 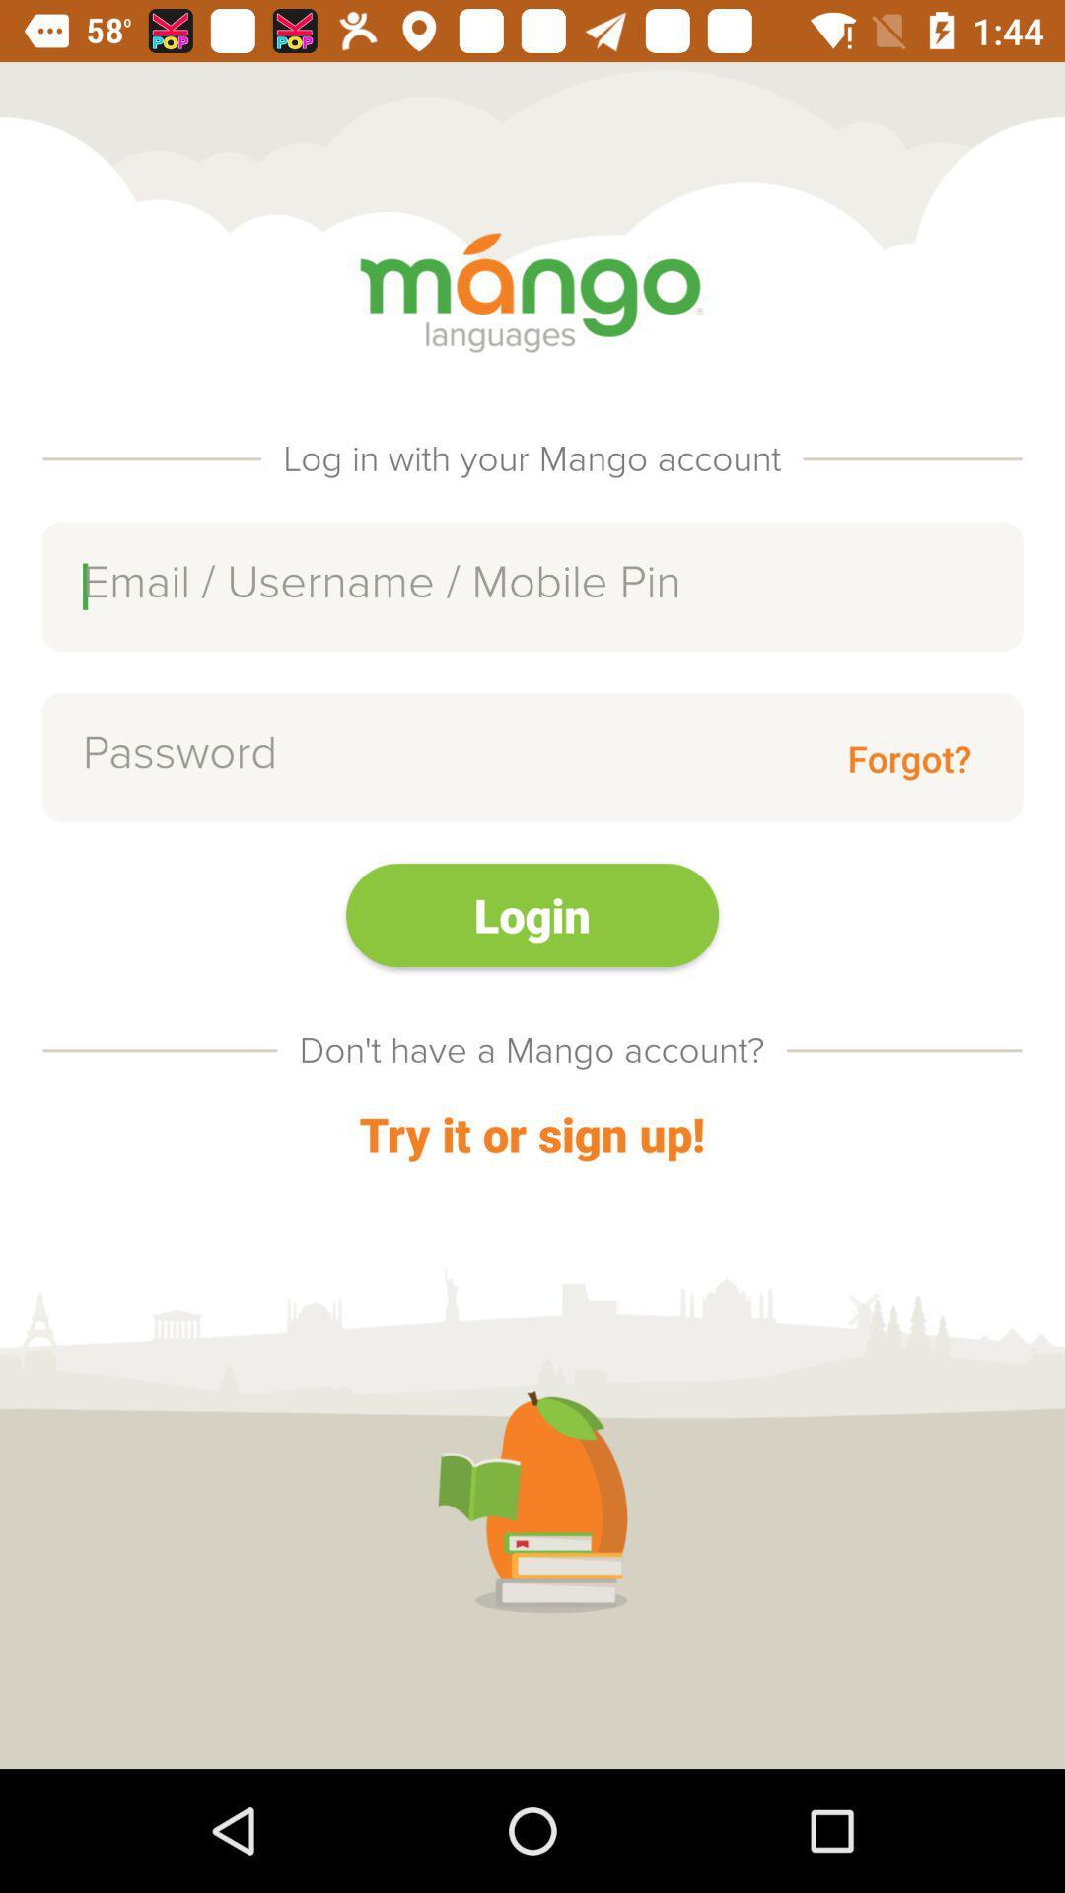 What do you see at coordinates (909, 756) in the screenshot?
I see `the forgot? icon` at bounding box center [909, 756].